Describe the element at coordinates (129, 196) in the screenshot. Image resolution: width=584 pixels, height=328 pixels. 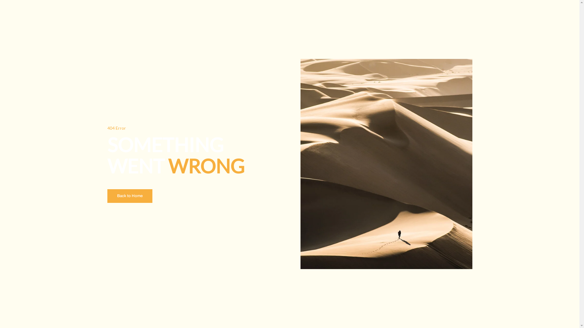
I see `'Back to Home'` at that location.